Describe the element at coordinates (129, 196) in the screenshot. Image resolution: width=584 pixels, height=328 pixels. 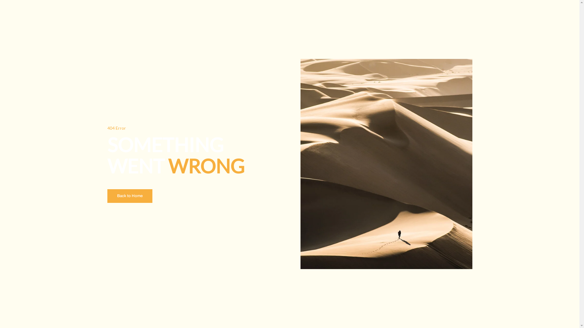
I see `'Back to Home'` at that location.